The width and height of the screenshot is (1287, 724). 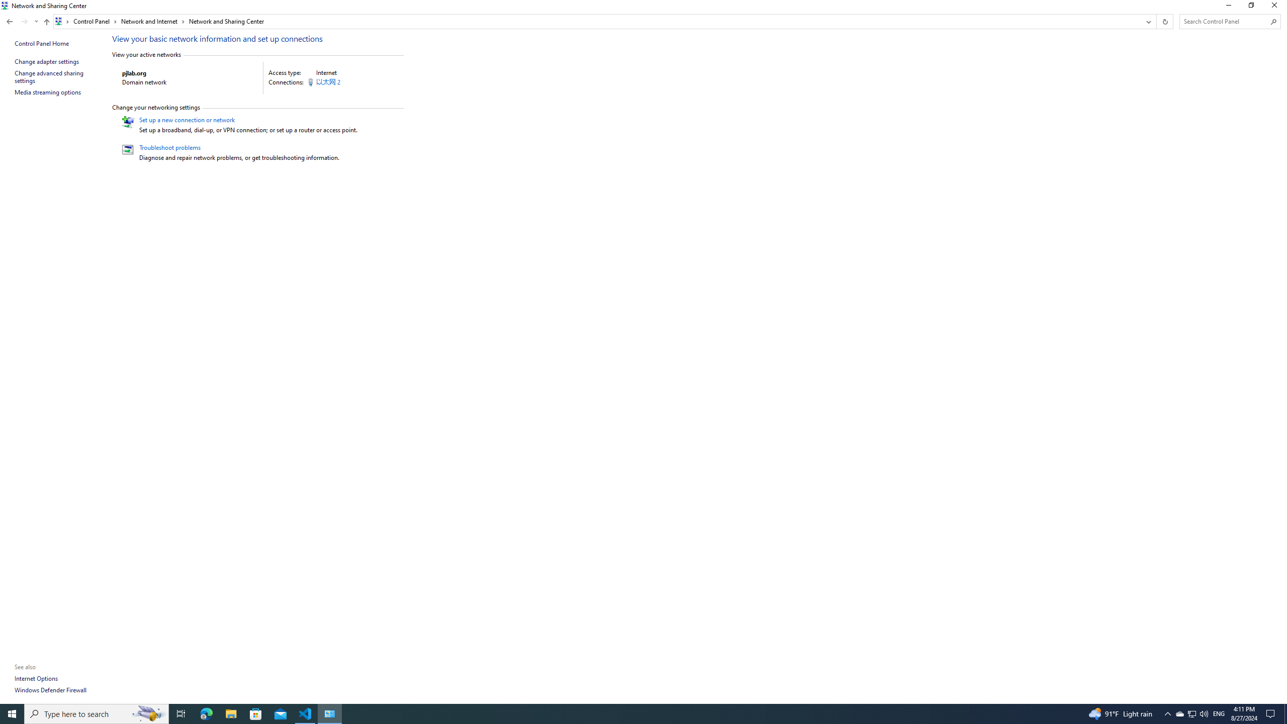 What do you see at coordinates (47, 23) in the screenshot?
I see `'Up band toolbar'` at bounding box center [47, 23].